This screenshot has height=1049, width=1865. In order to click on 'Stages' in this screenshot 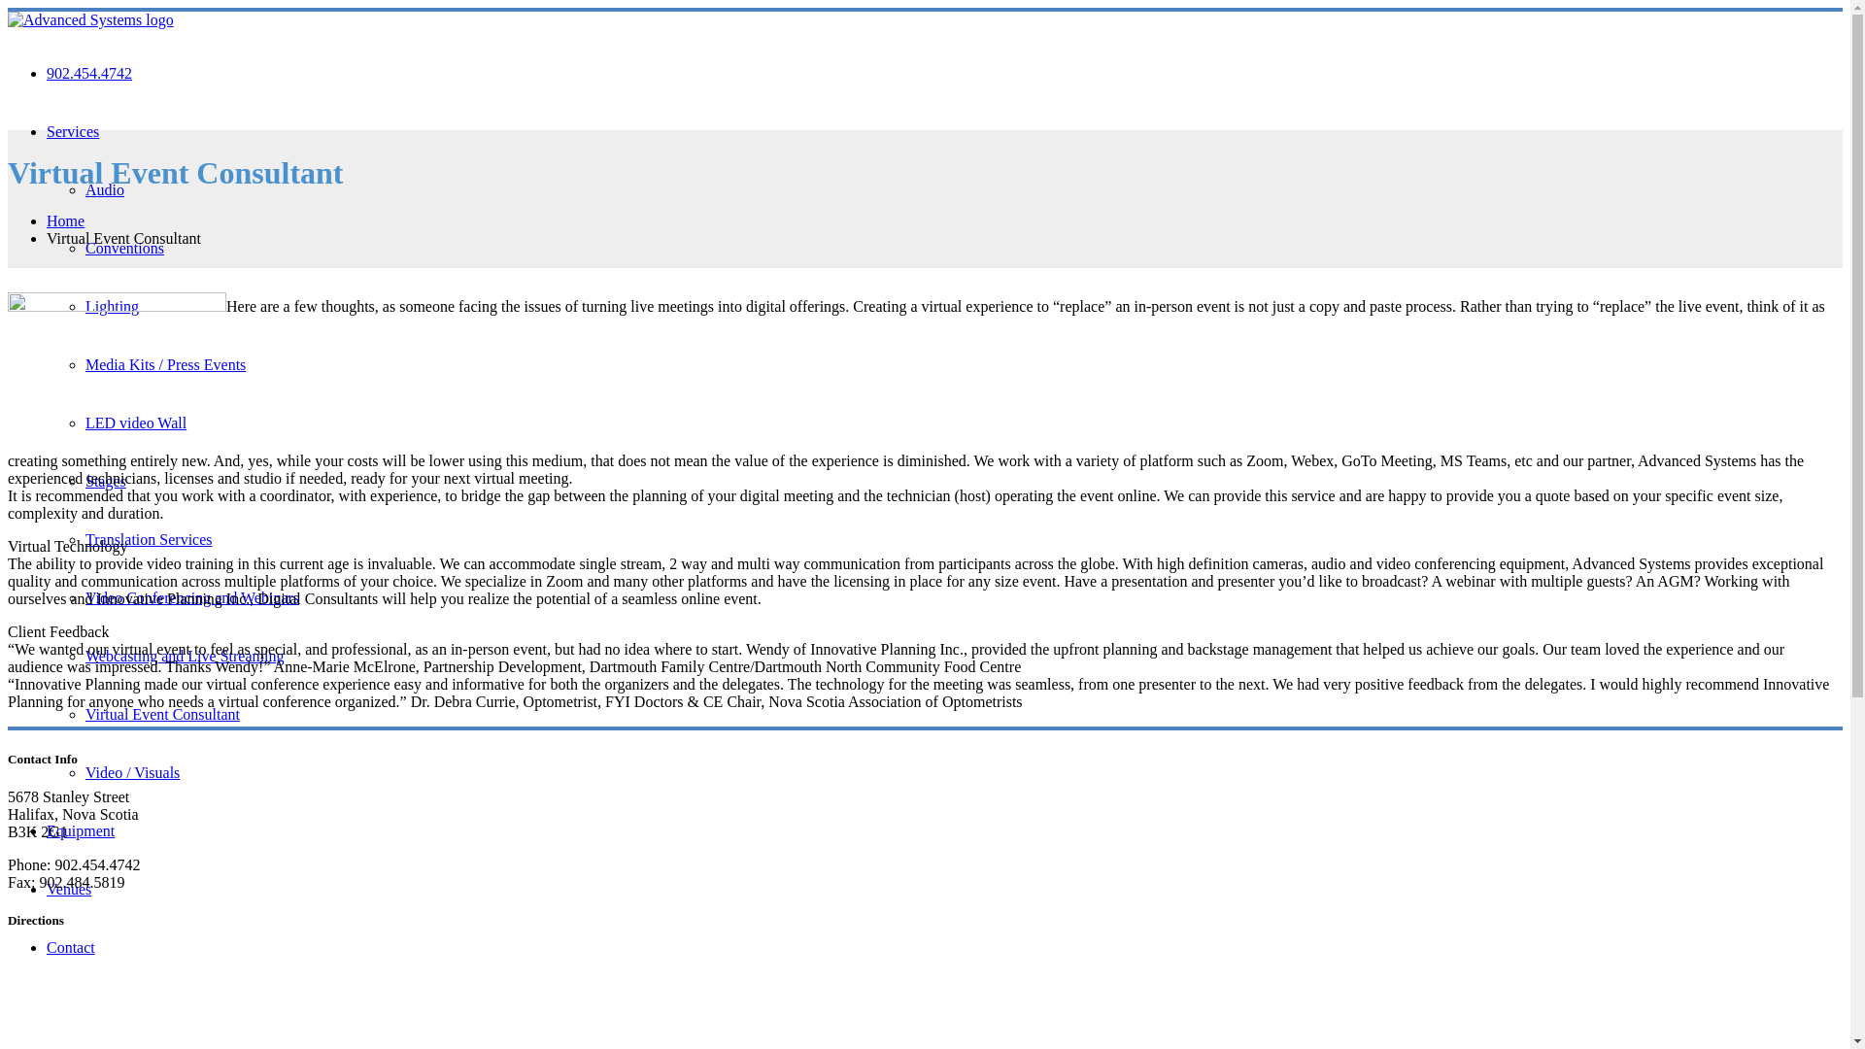, I will do `click(105, 481)`.